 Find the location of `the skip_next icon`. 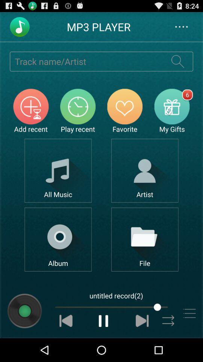

the skip_next icon is located at coordinates (142, 343).